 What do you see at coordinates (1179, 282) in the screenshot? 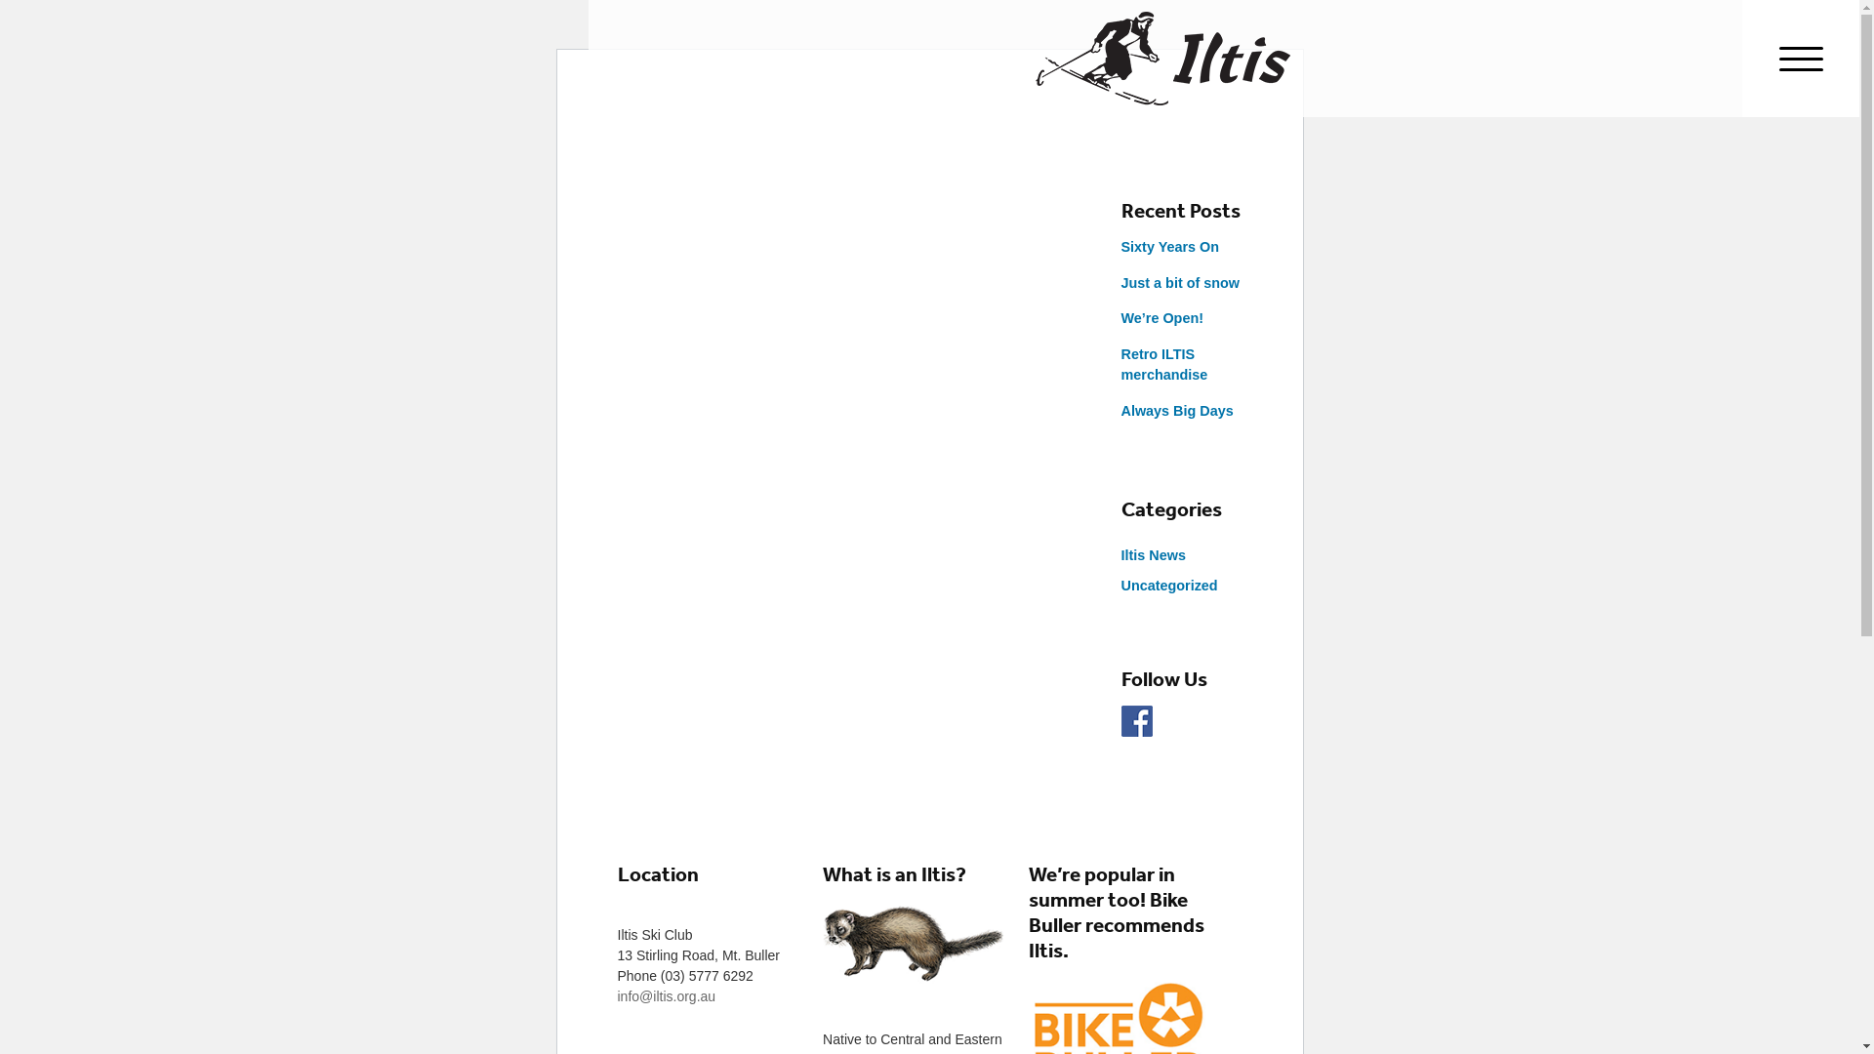
I see `'Just a bit of snow'` at bounding box center [1179, 282].